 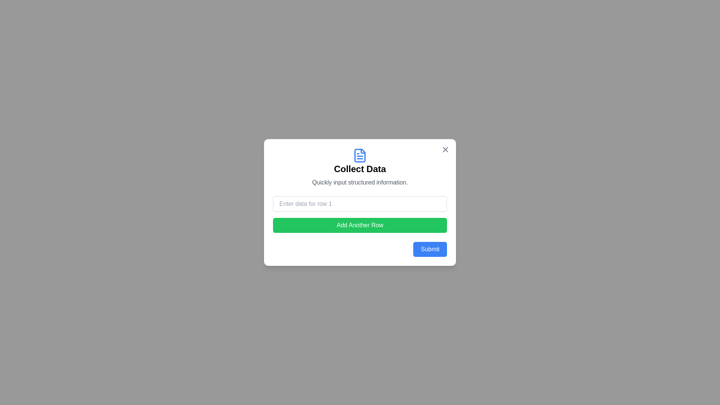 I want to click on the close button (X) to dismiss the dialog, so click(x=445, y=149).